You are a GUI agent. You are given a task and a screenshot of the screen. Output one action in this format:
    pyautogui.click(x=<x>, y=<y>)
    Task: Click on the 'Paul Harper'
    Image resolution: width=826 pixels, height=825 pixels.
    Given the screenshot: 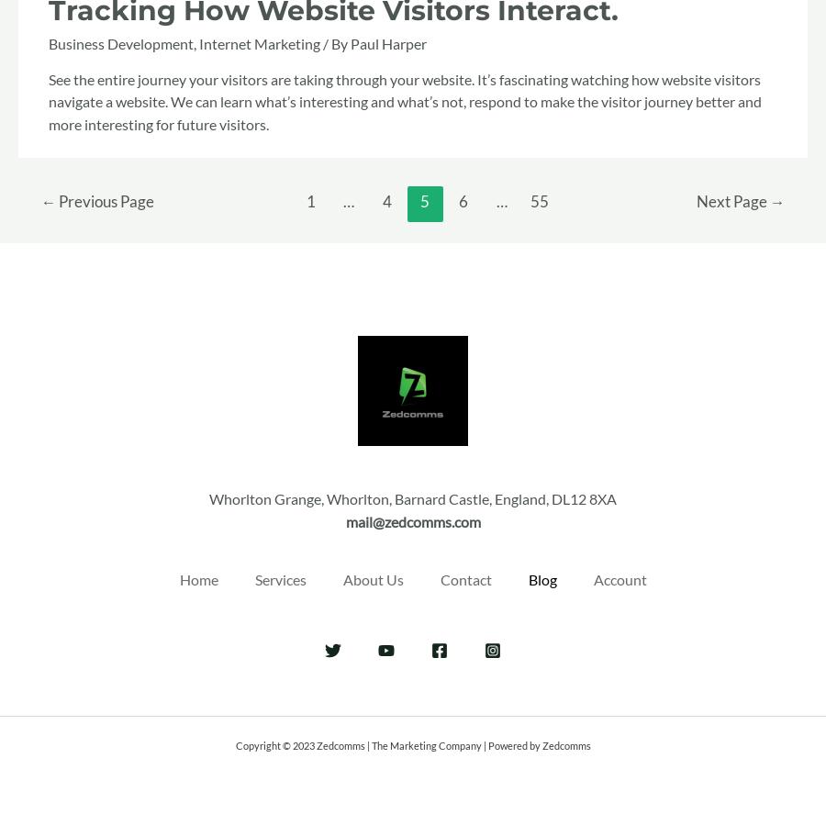 What is the action you would take?
    pyautogui.click(x=388, y=42)
    